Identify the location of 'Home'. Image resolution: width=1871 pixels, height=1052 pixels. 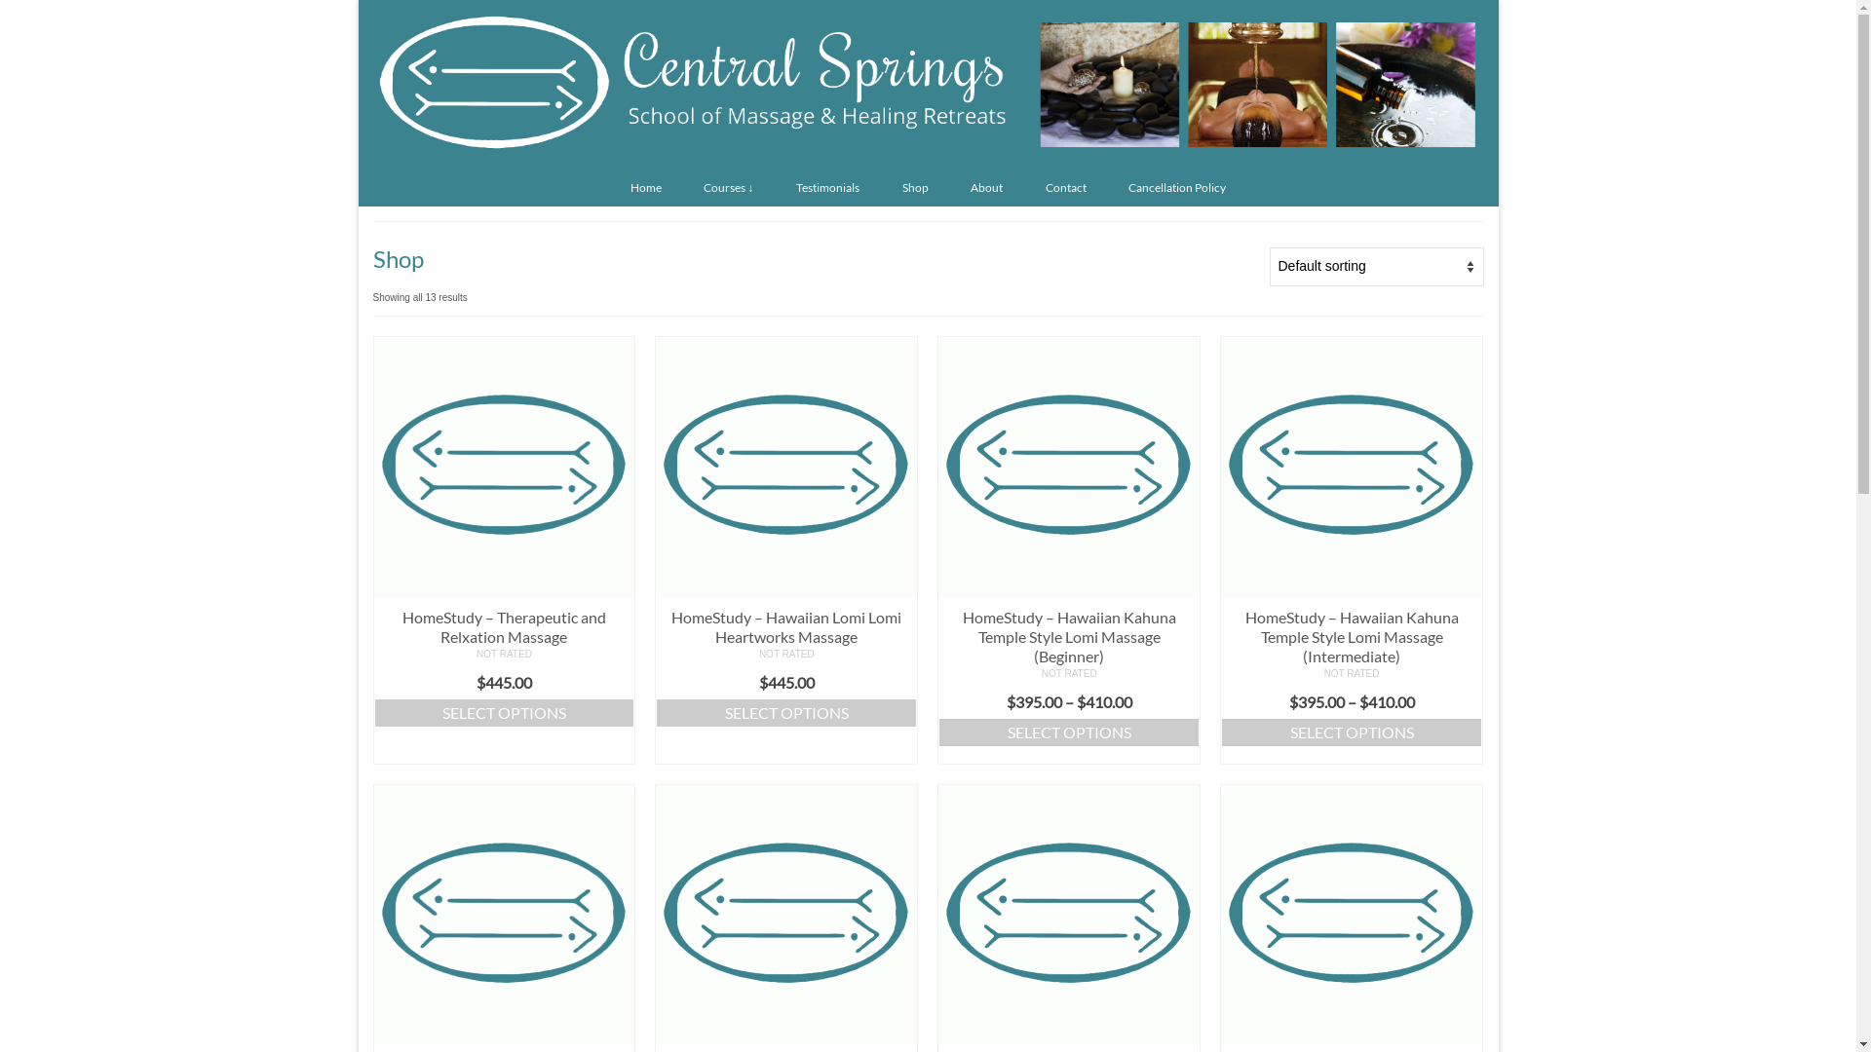
(645, 187).